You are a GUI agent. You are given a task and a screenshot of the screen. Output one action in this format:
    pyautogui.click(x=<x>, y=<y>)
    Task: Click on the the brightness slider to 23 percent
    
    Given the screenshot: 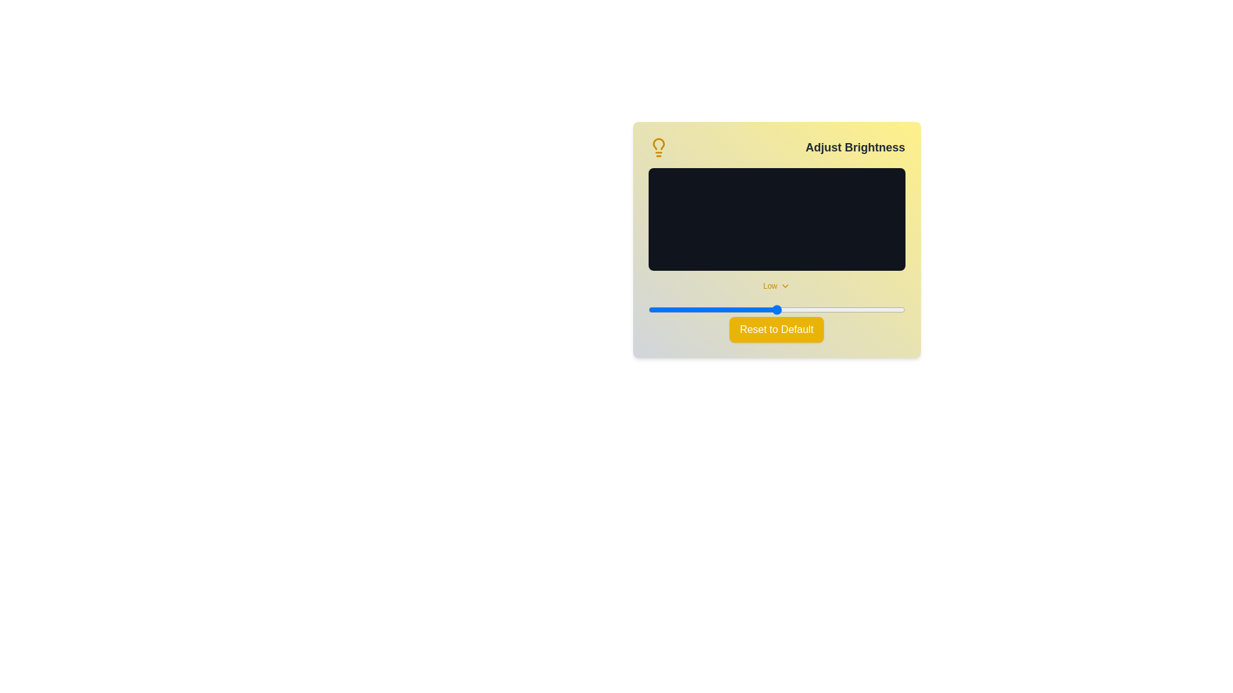 What is the action you would take?
    pyautogui.click(x=706, y=309)
    